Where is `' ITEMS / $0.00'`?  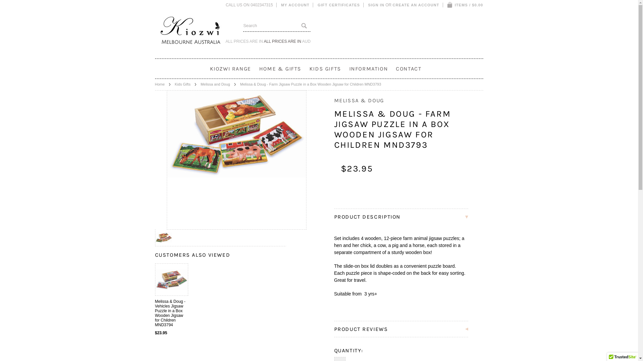 ' ITEMS / $0.00' is located at coordinates (465, 5).